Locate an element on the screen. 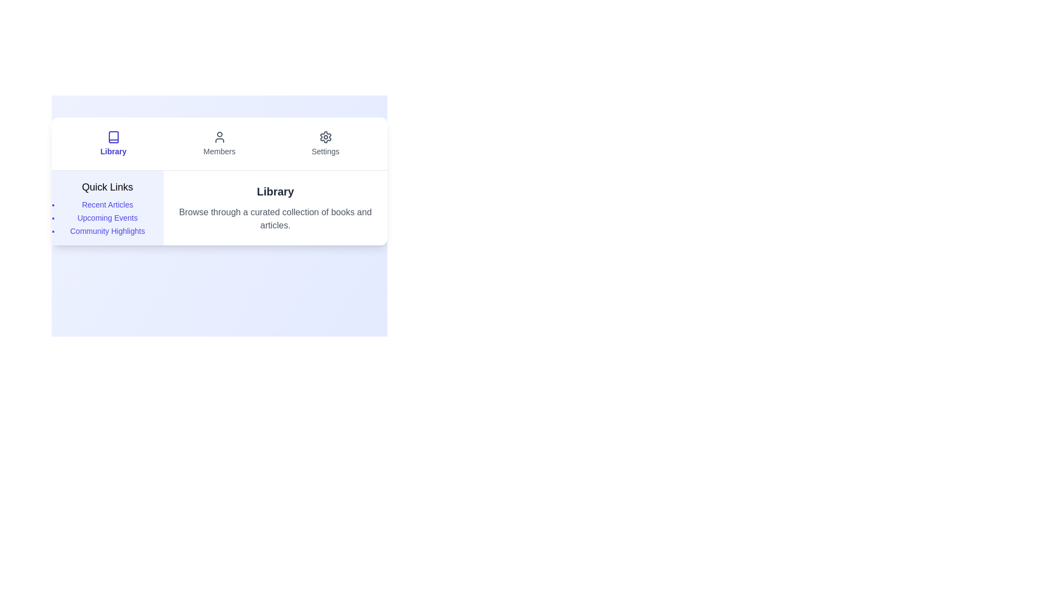 Image resolution: width=1055 pixels, height=593 pixels. the tab labeled Library is located at coordinates (113, 143).